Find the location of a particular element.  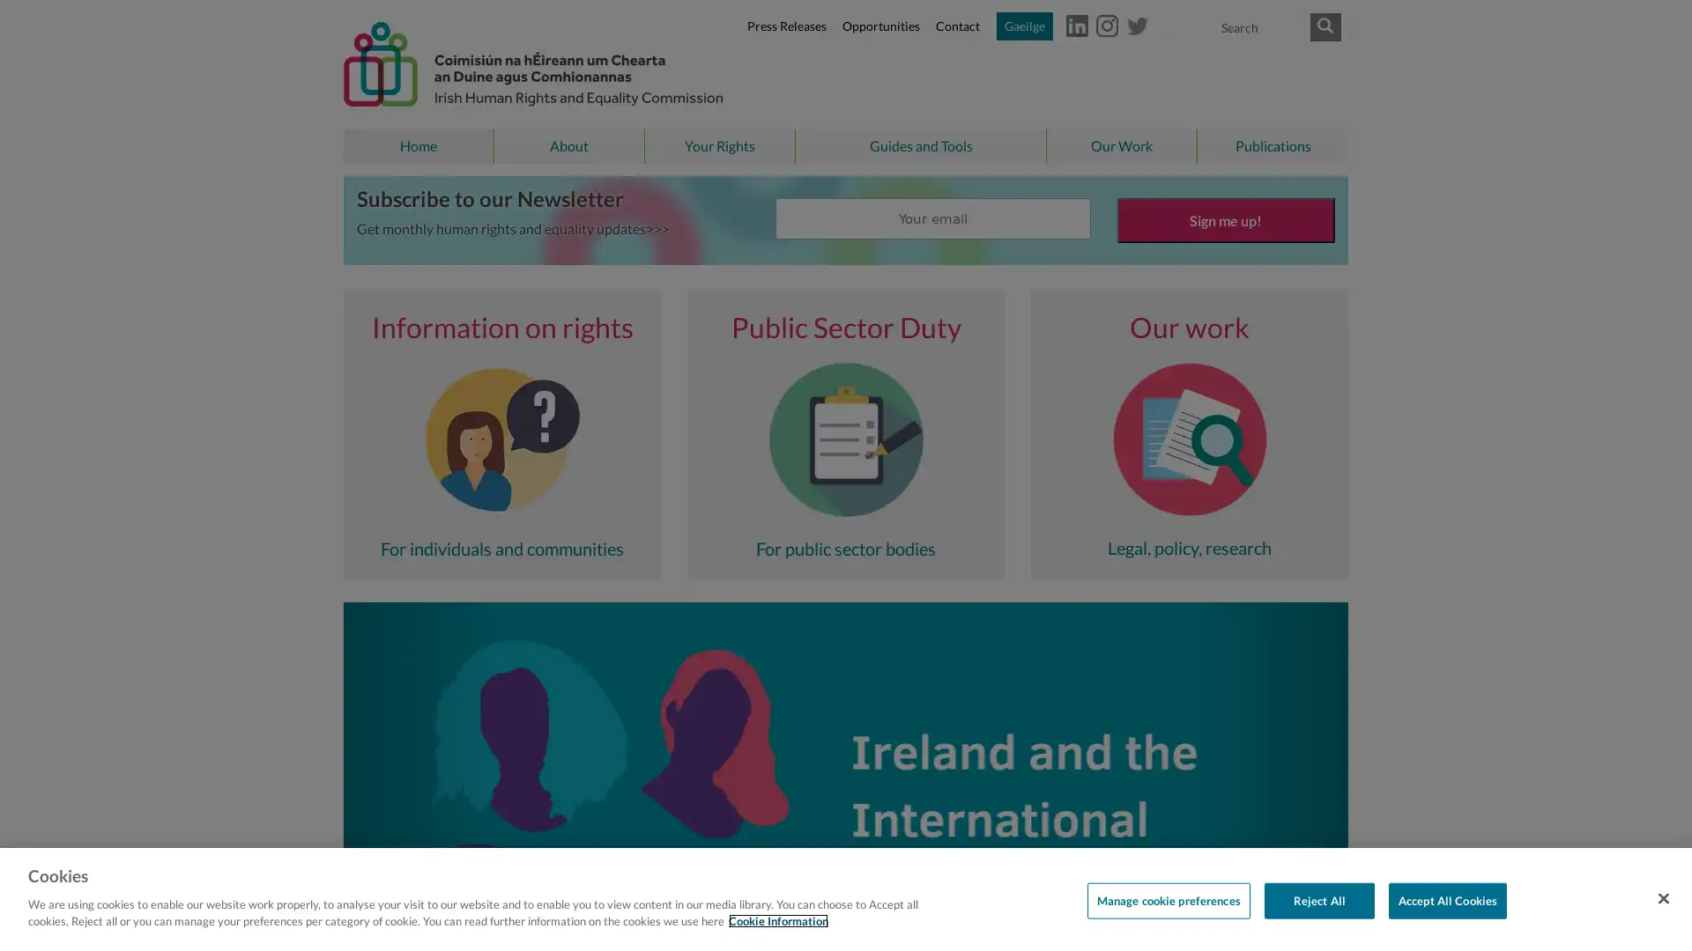

Submit is located at coordinates (1325, 26).